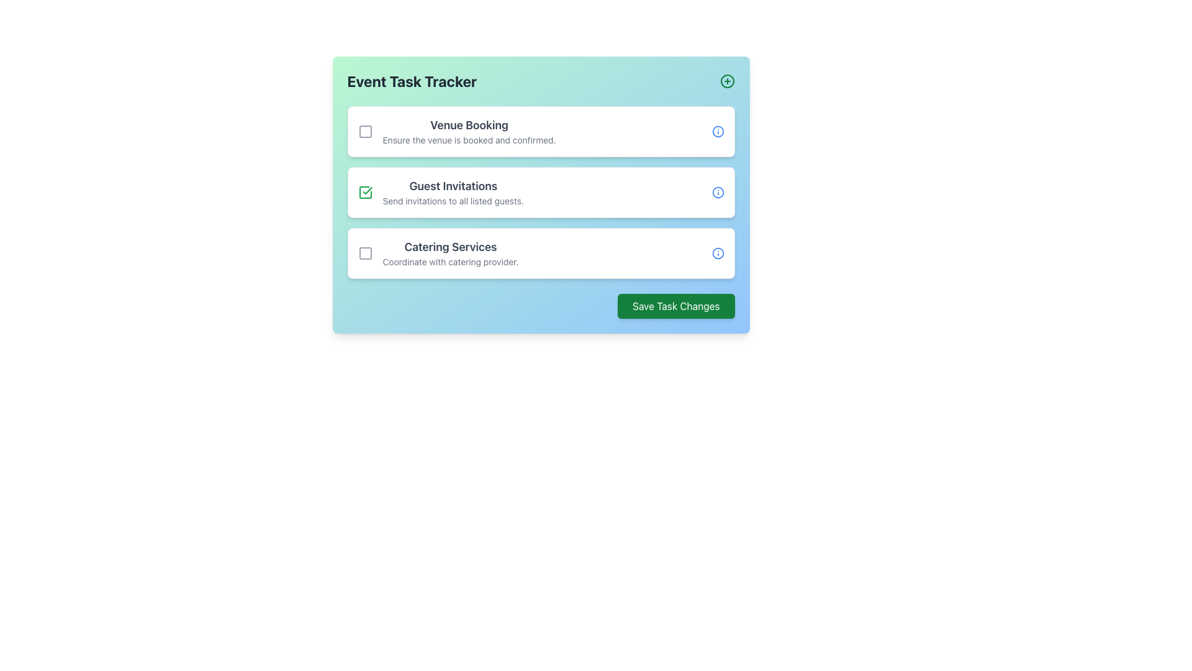 This screenshot has width=1192, height=671. Describe the element at coordinates (469, 132) in the screenshot. I see `on the text block that describes the task related` at that location.